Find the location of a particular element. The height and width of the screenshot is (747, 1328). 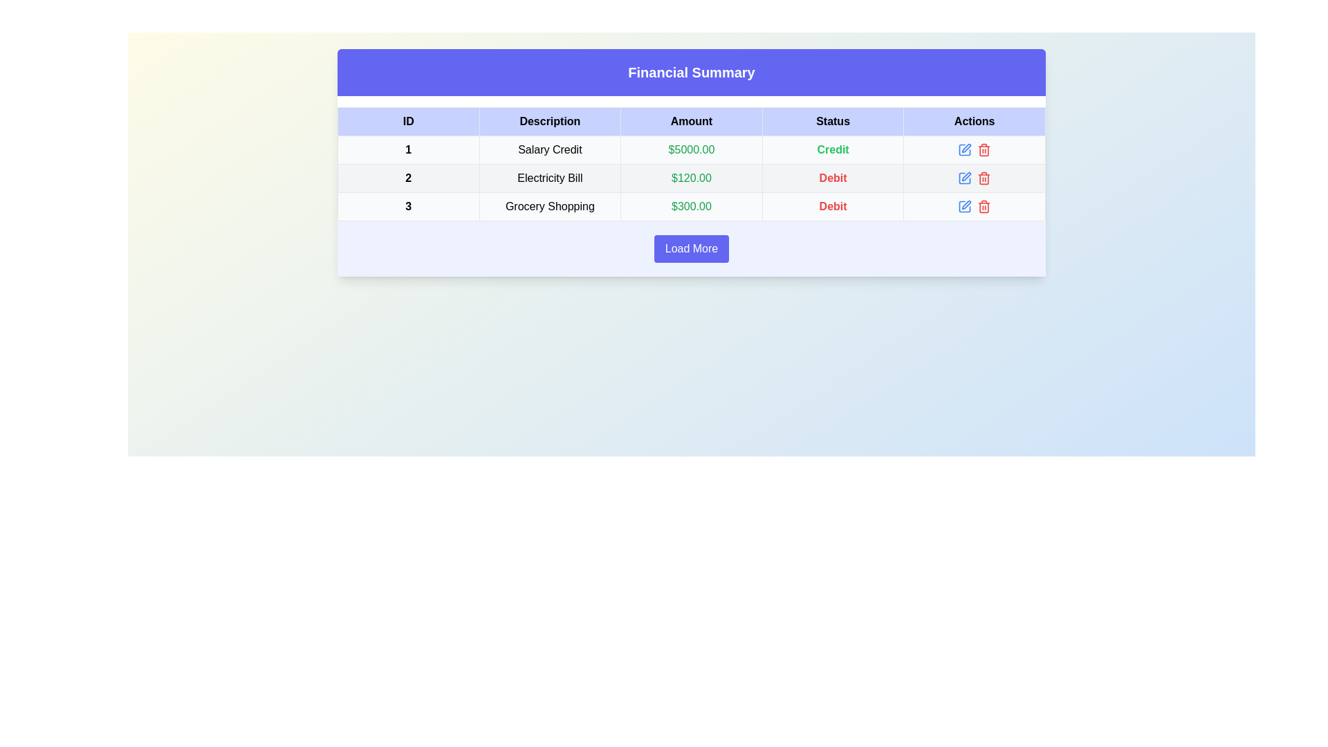

the second row of the table containing the ID '2', Description 'Electricity Bill', Amount '$120.00', and Status 'Debit' is located at coordinates (691, 178).